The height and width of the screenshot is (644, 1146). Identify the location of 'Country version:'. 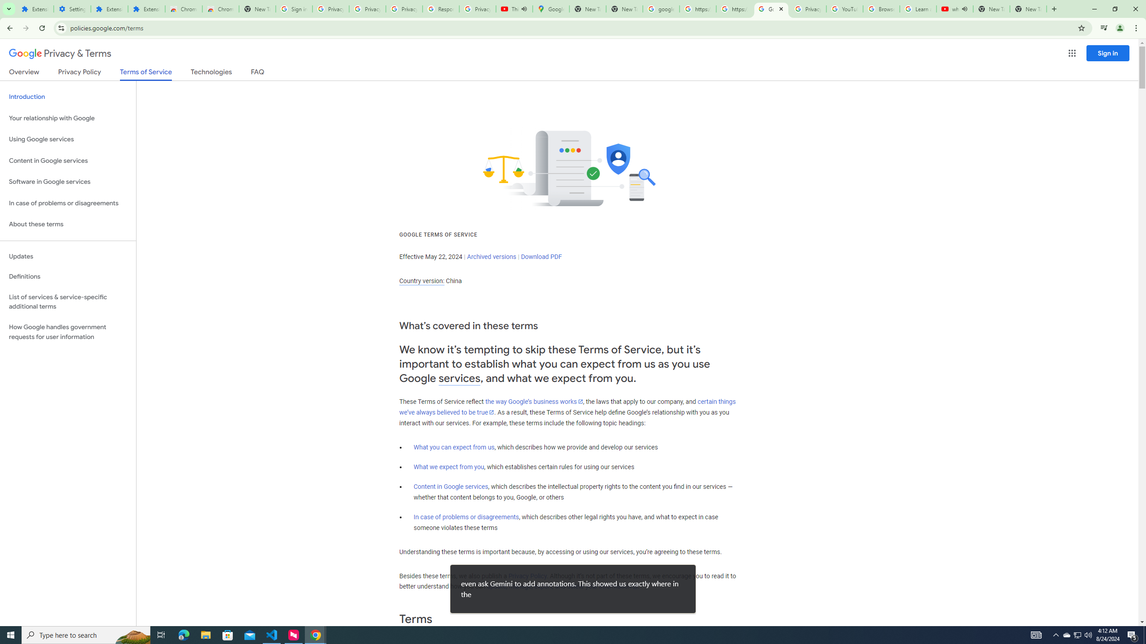
(421, 281).